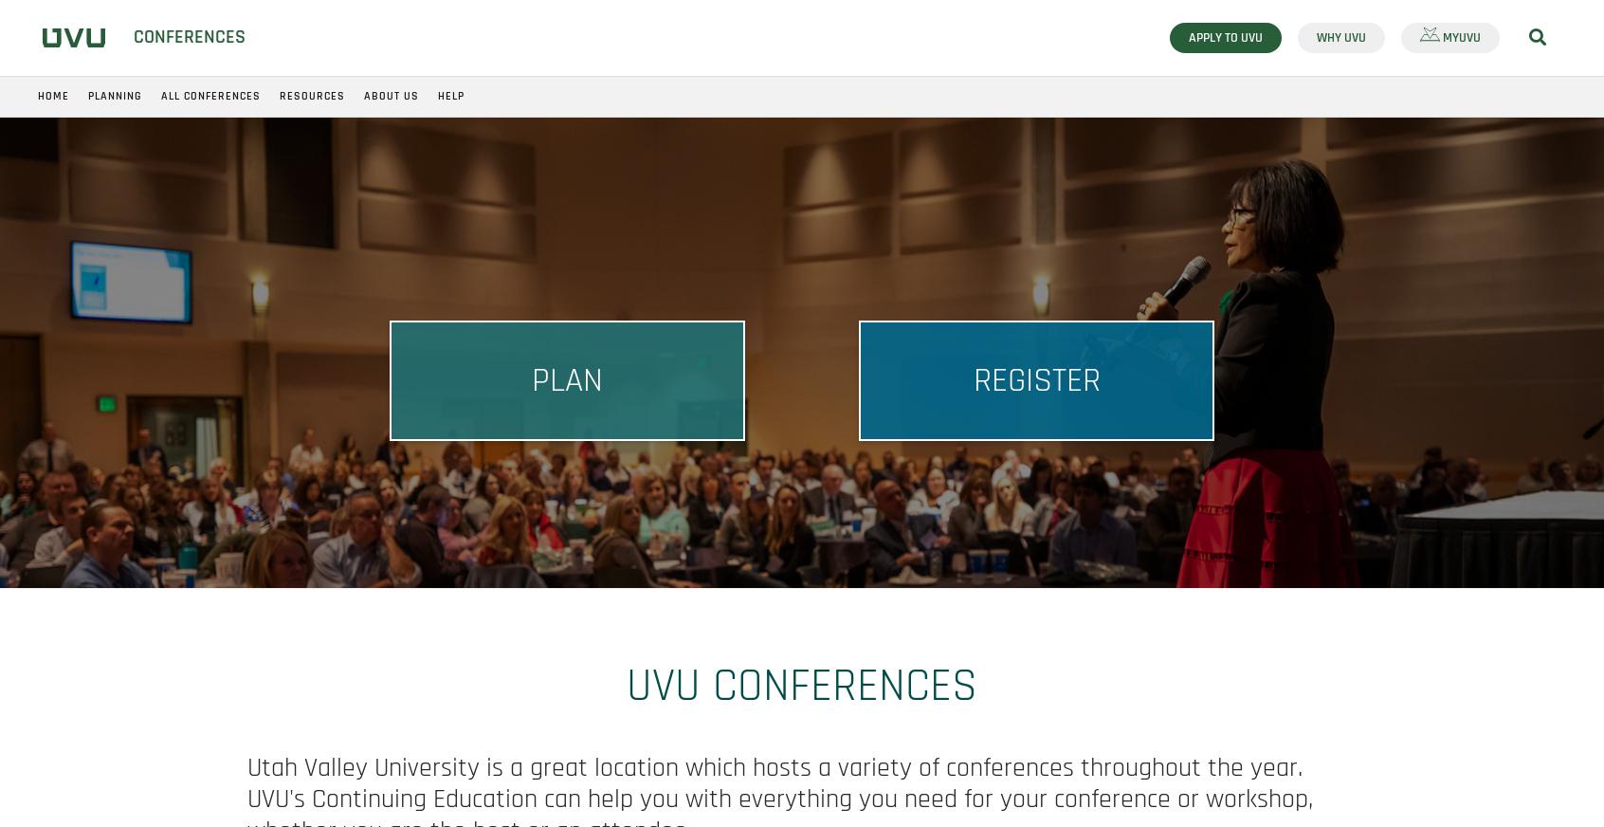 The height and width of the screenshot is (827, 1604). What do you see at coordinates (532, 380) in the screenshot?
I see `'Plan'` at bounding box center [532, 380].